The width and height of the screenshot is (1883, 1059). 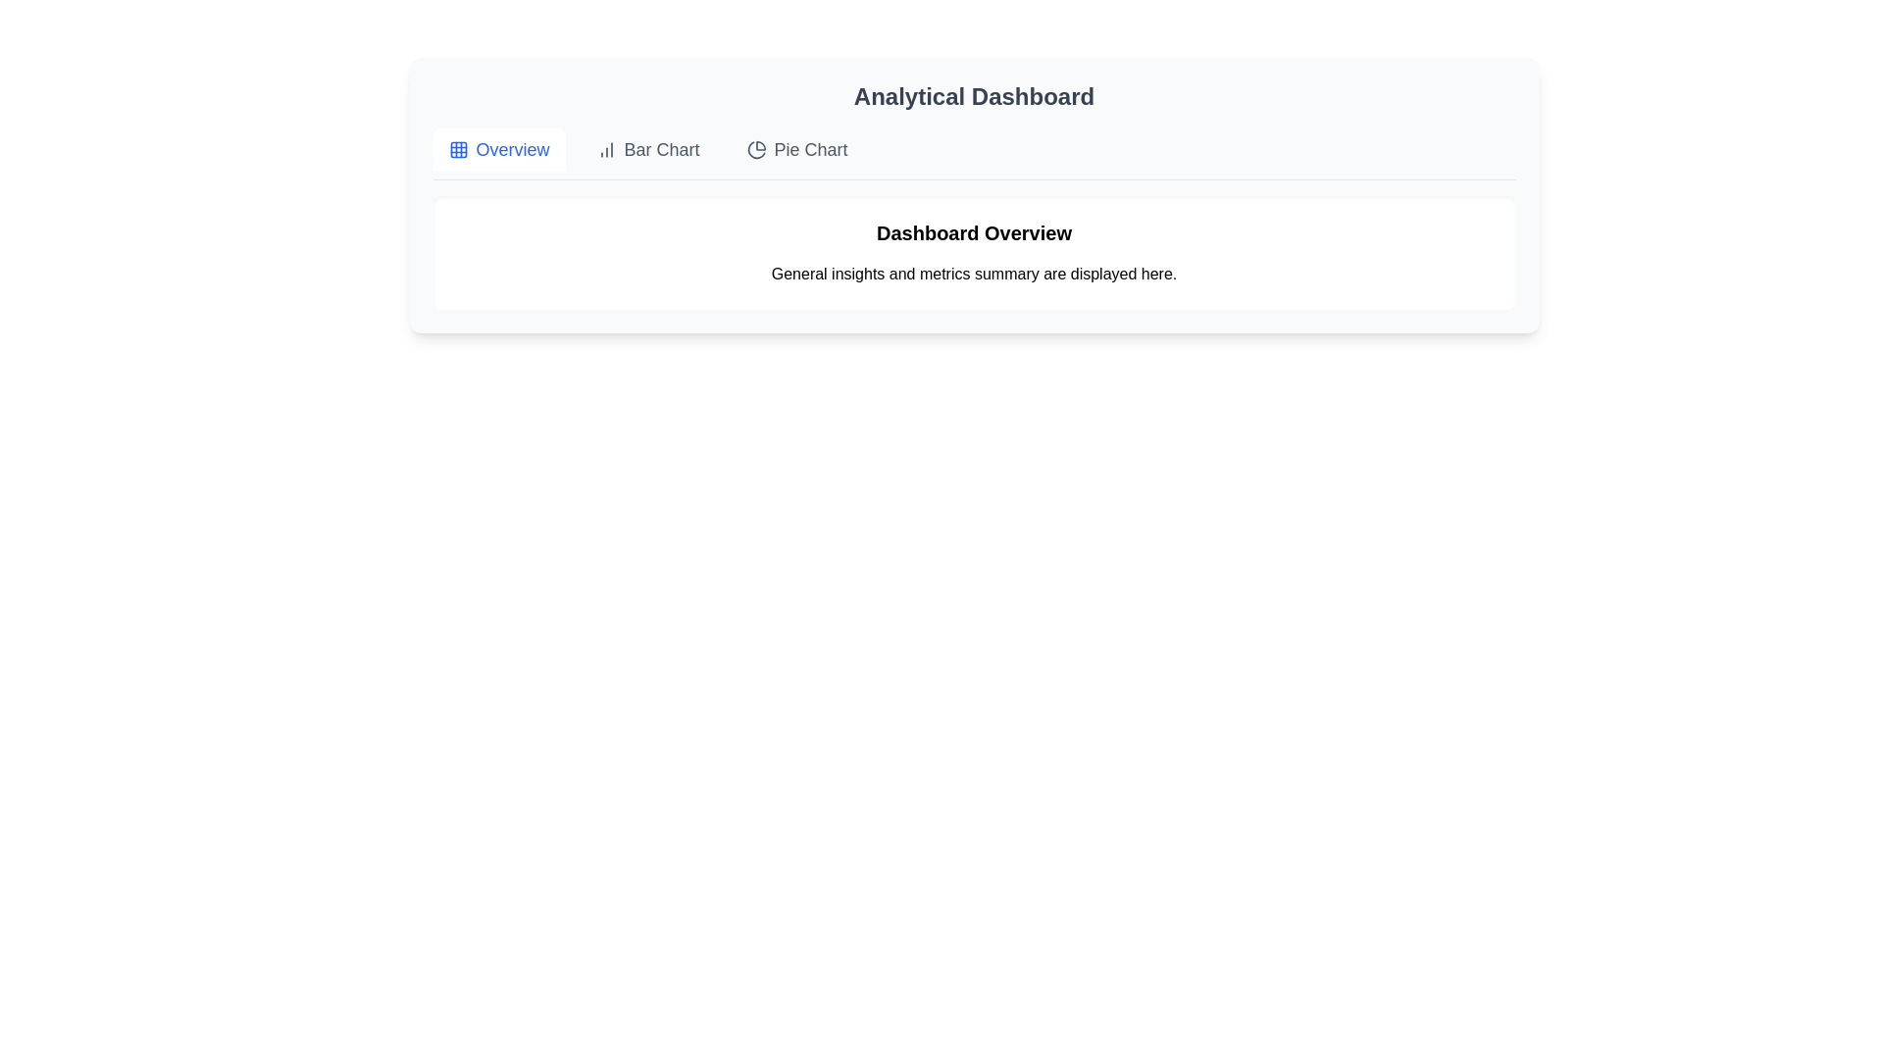 I want to click on the 'Pie Chart' text label located in the navigation bar, positioned next to 'Overview' and 'Bar Chart', so click(x=811, y=149).